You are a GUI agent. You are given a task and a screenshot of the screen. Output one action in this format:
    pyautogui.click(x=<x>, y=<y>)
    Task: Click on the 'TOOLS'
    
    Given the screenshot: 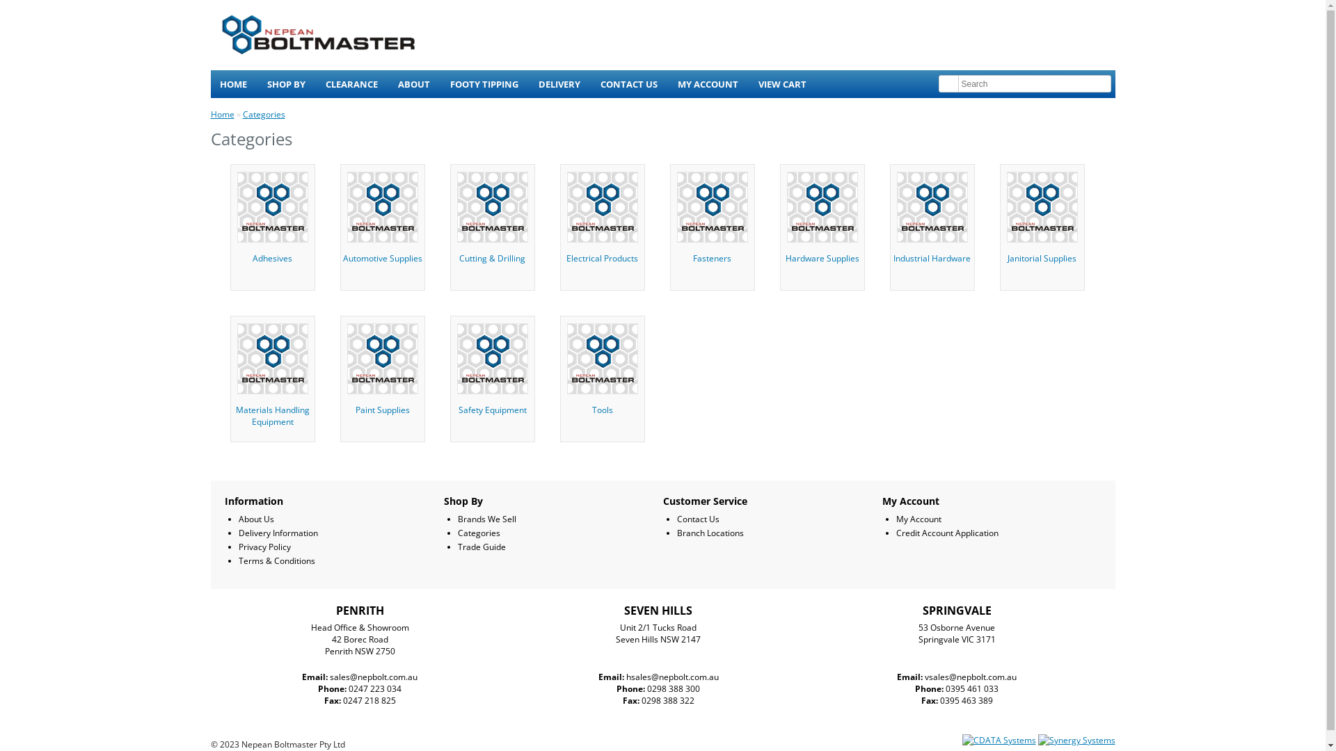 What is the action you would take?
    pyautogui.click(x=601, y=358)
    